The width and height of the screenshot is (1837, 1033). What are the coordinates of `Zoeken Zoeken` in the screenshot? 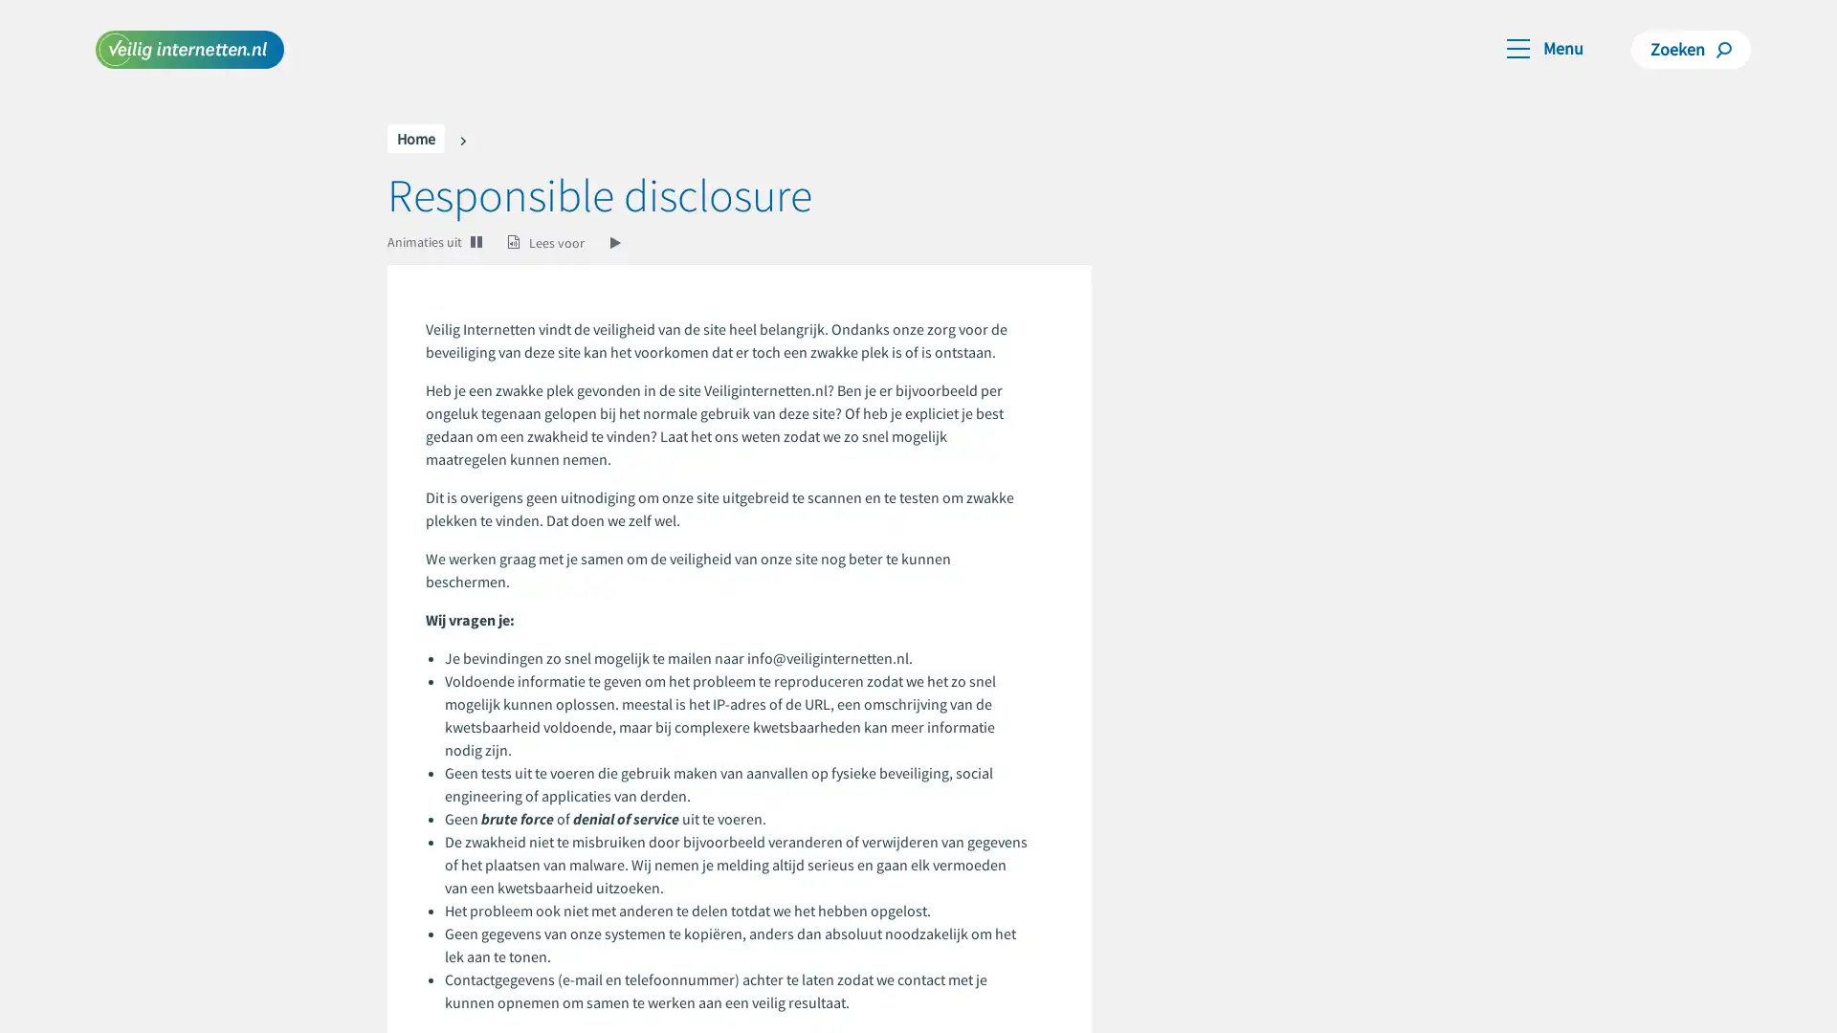 It's located at (1691, 48).